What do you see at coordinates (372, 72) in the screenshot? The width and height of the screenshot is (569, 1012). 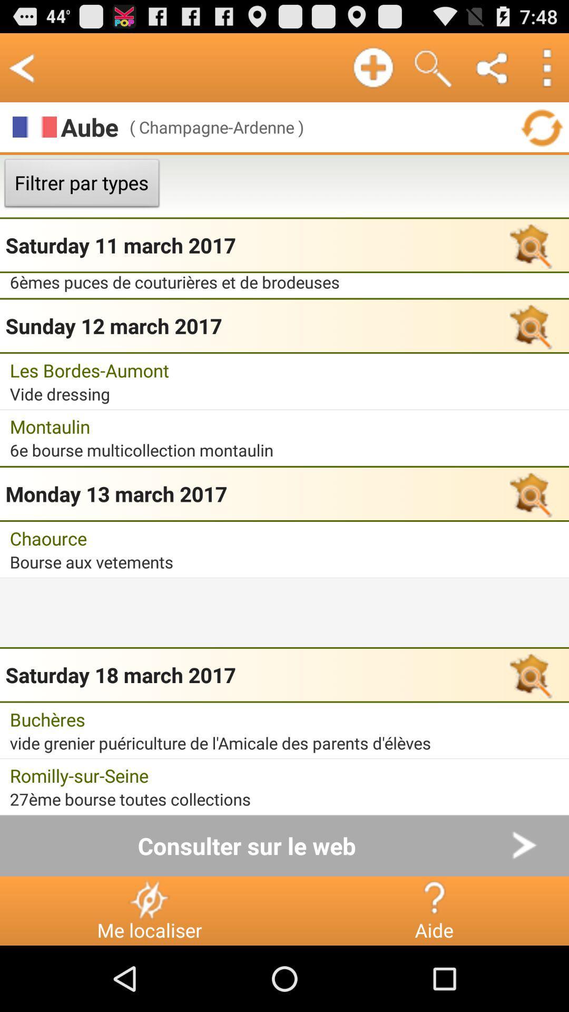 I see `the add icon` at bounding box center [372, 72].